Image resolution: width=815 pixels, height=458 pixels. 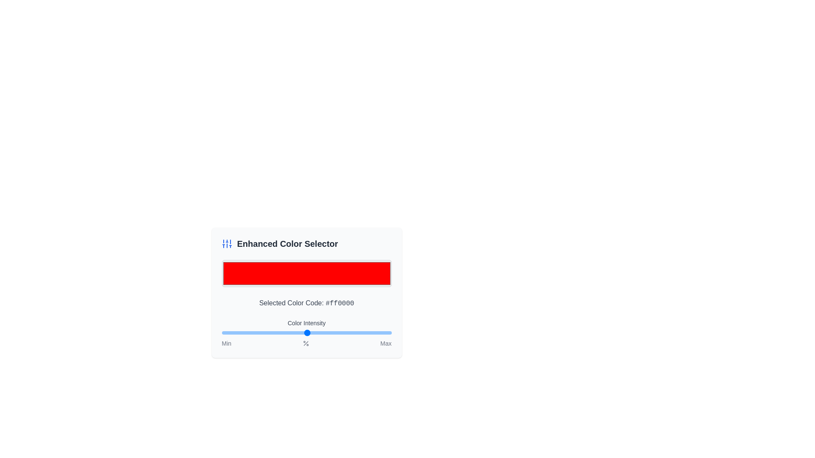 What do you see at coordinates (306, 303) in the screenshot?
I see `the static text label that reads 'Selected Color Code: #ff0000', which is centrally aligned in the 'Enhanced Color Selector' block, positioned beneath the red color display box and above the 'Color Intensity' slider` at bounding box center [306, 303].